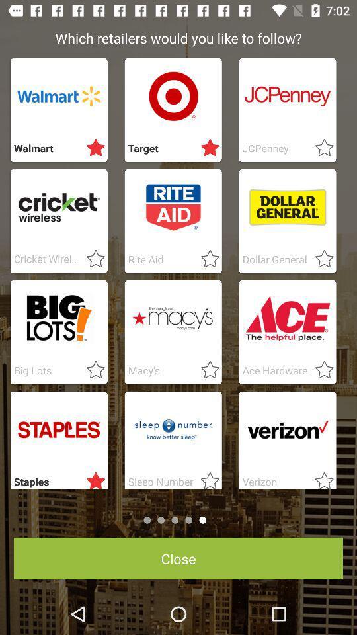 The image size is (357, 635). I want to click on ratings, so click(206, 148).